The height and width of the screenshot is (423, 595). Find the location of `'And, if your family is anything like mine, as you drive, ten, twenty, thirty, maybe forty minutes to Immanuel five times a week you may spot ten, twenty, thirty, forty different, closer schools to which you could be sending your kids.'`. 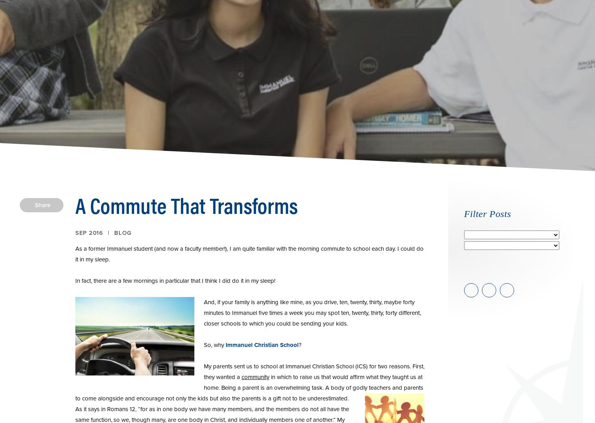

'And, if your family is anything like mine, as you drive, ten, twenty, thirty, maybe forty minutes to Immanuel five times a week you may spot ten, twenty, thirty, forty different, closer schools to which you could be sending your kids.' is located at coordinates (203, 312).